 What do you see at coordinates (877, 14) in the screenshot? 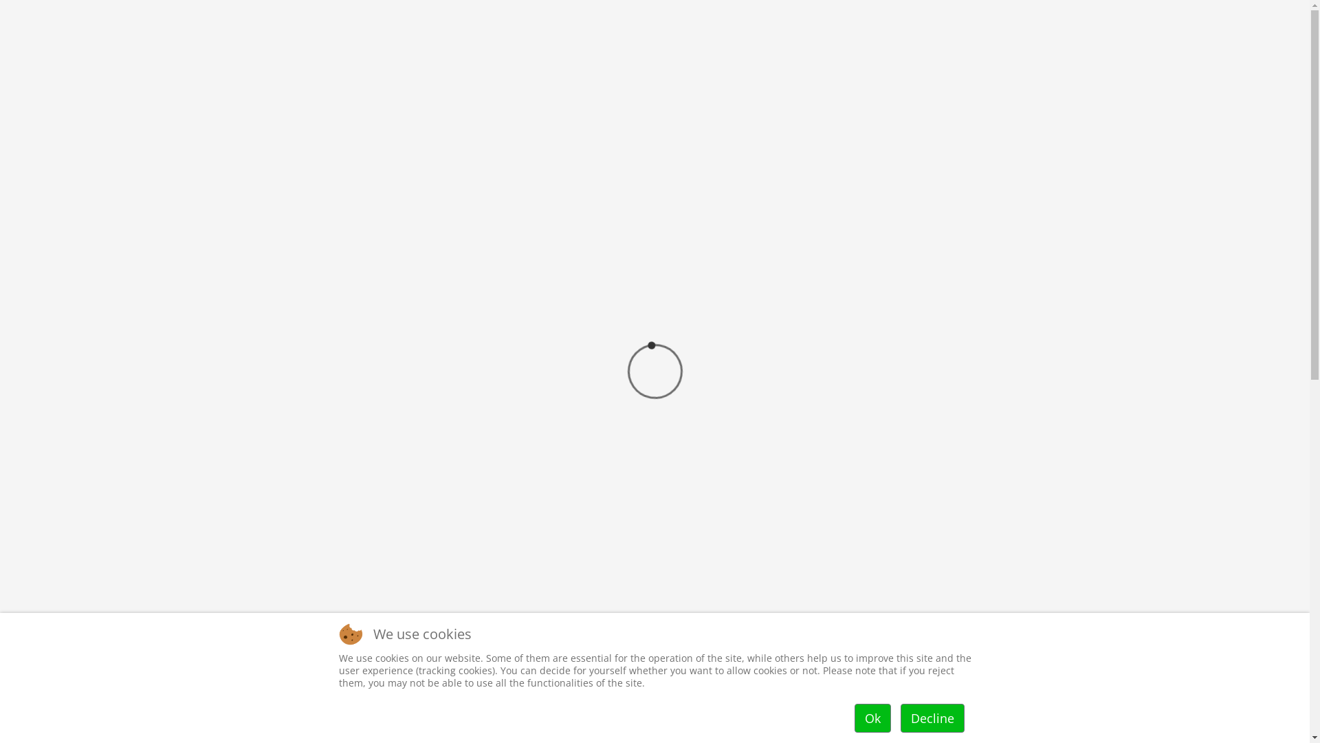
I see `'8(017) 396-36-25'` at bounding box center [877, 14].